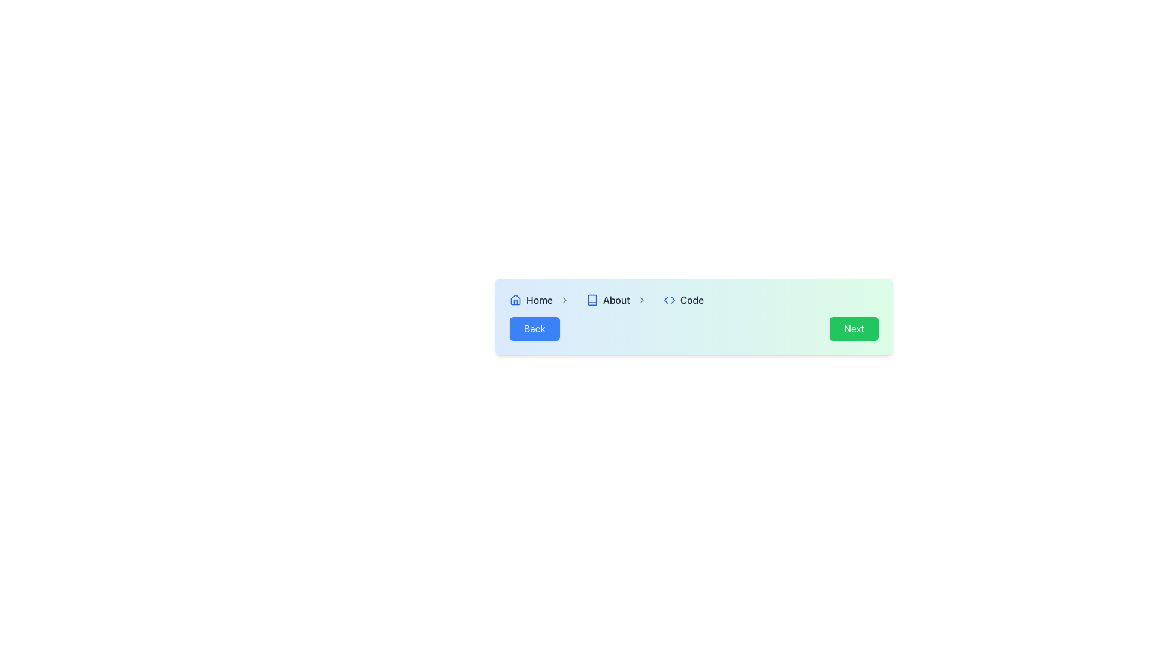 This screenshot has height=647, width=1150. I want to click on the 'Code' text link in the breadcrumb navigation bar, so click(692, 300).